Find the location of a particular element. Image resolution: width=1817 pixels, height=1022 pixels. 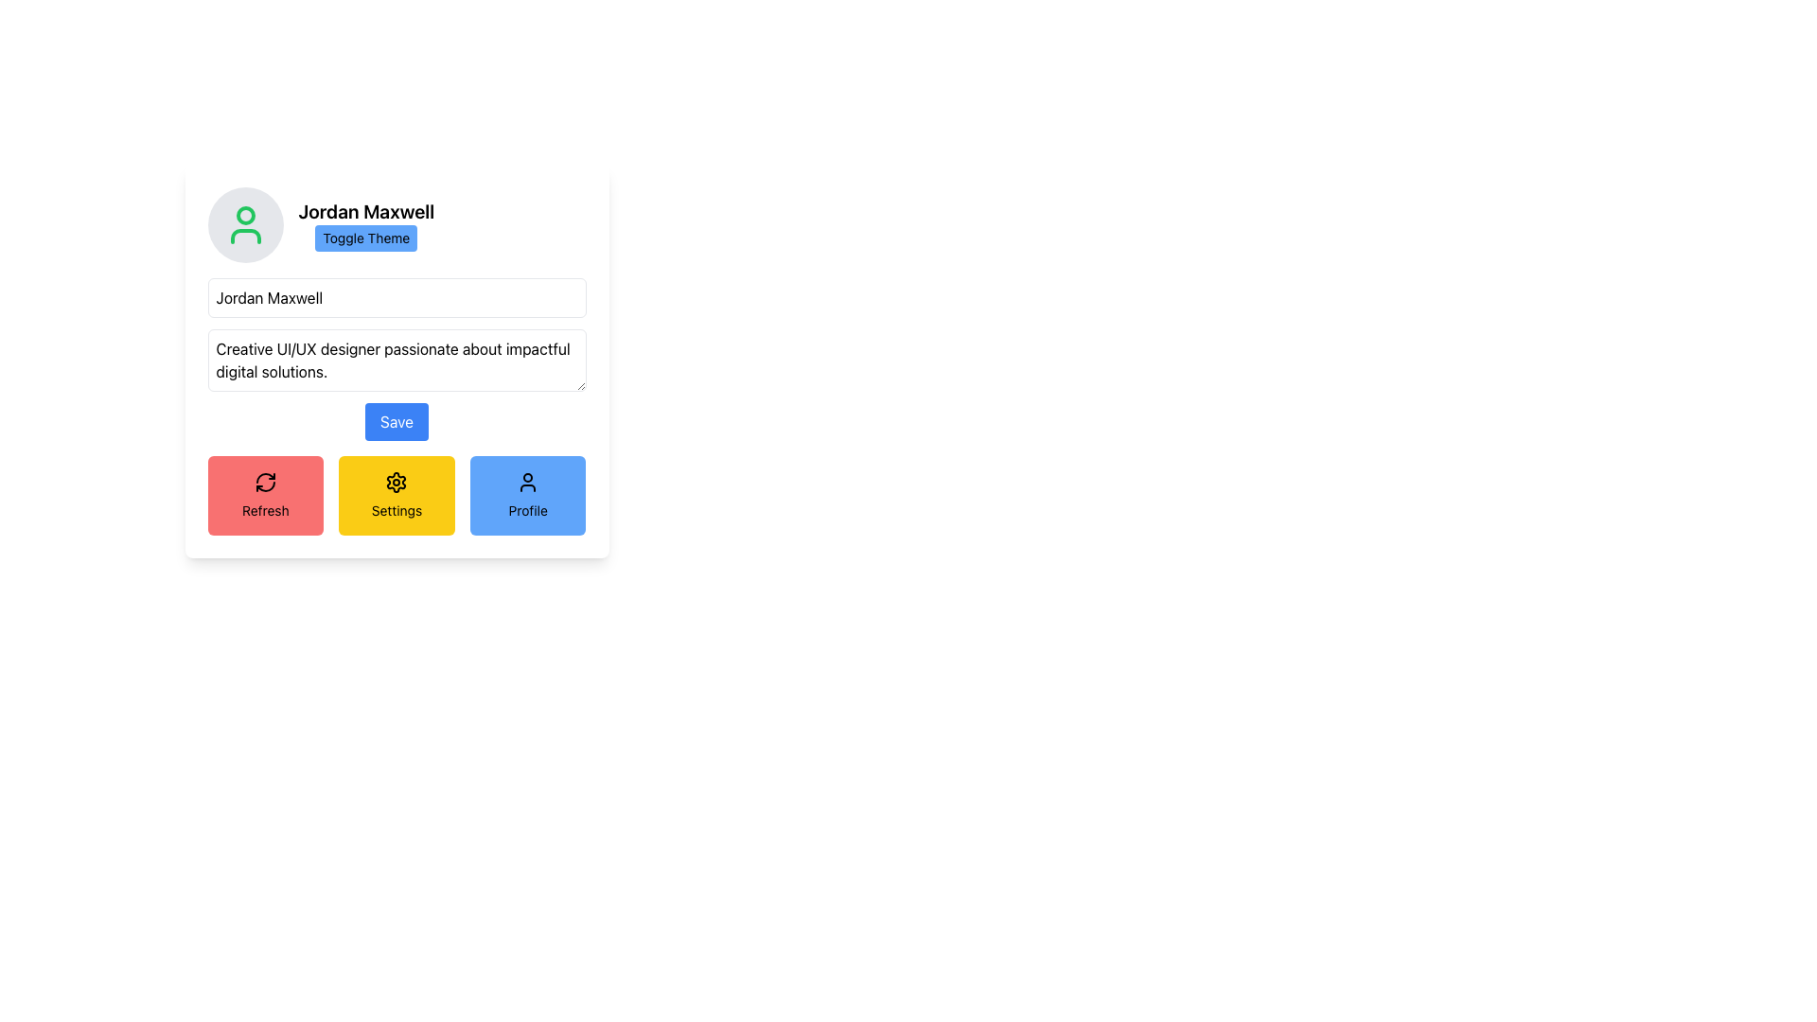

text label that displays the name 'Jordan Maxwell', which is located in the upper-left section of the interface, directly to the right of a circular icon and above a smaller blue rectangular button labeled 'Toggle Theme' is located at coordinates (366, 211).